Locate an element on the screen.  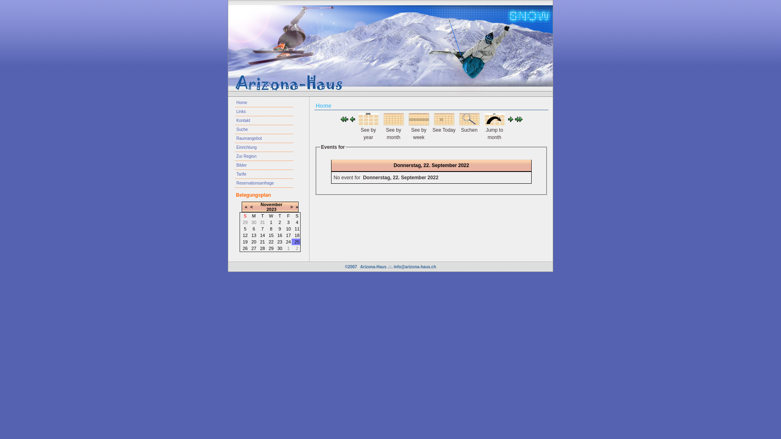
'Jump to month' is located at coordinates (484, 124).